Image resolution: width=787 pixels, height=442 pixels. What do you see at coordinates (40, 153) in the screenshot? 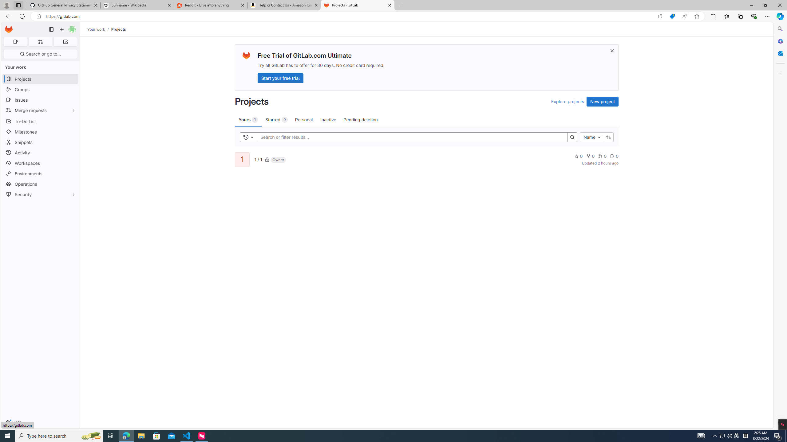
I see `'Activity'` at bounding box center [40, 153].